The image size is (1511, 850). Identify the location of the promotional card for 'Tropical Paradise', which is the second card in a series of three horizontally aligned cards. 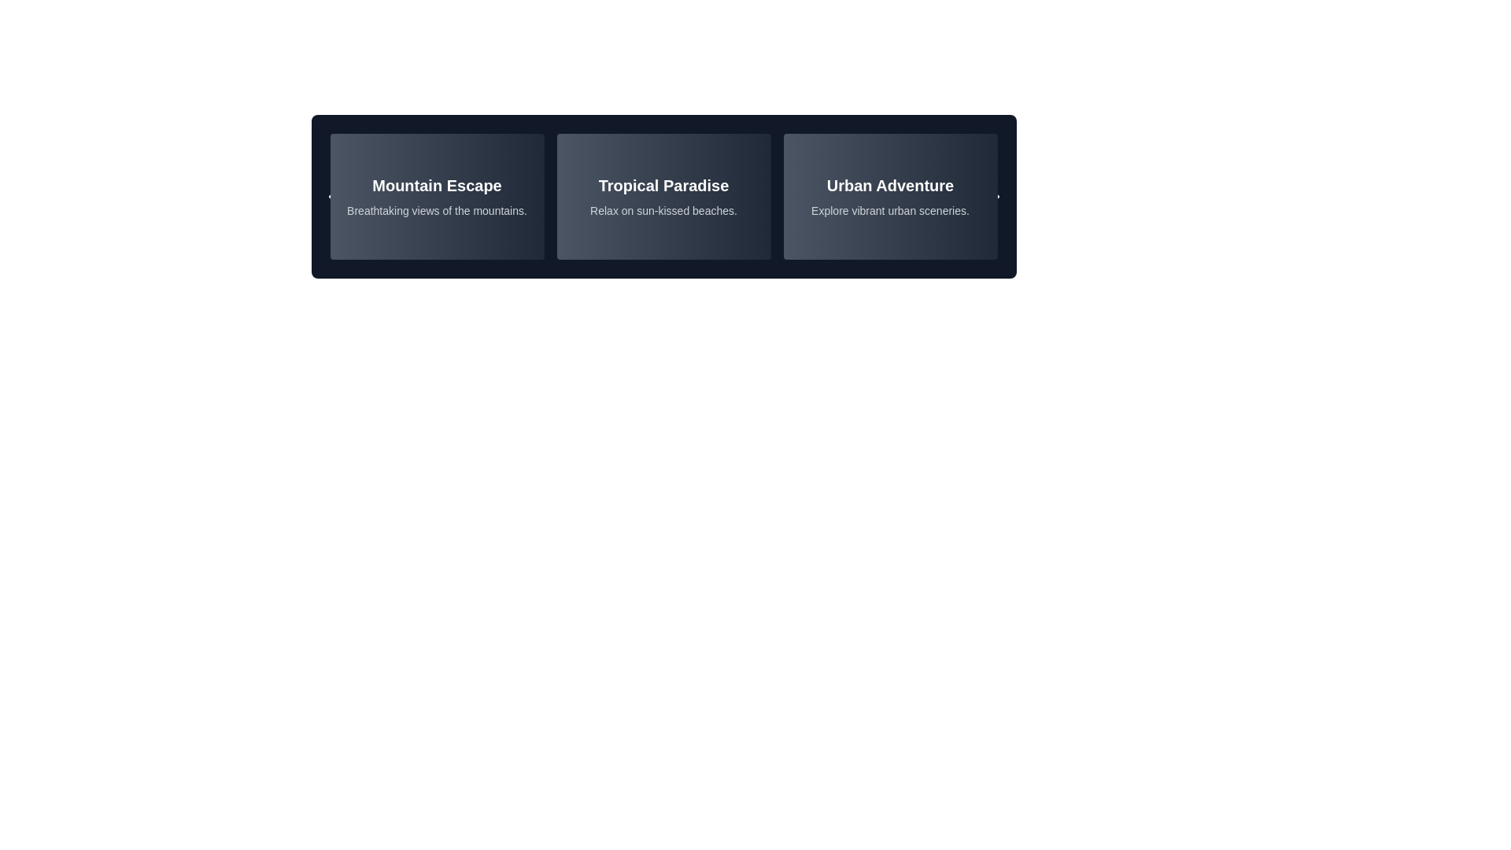
(663, 196).